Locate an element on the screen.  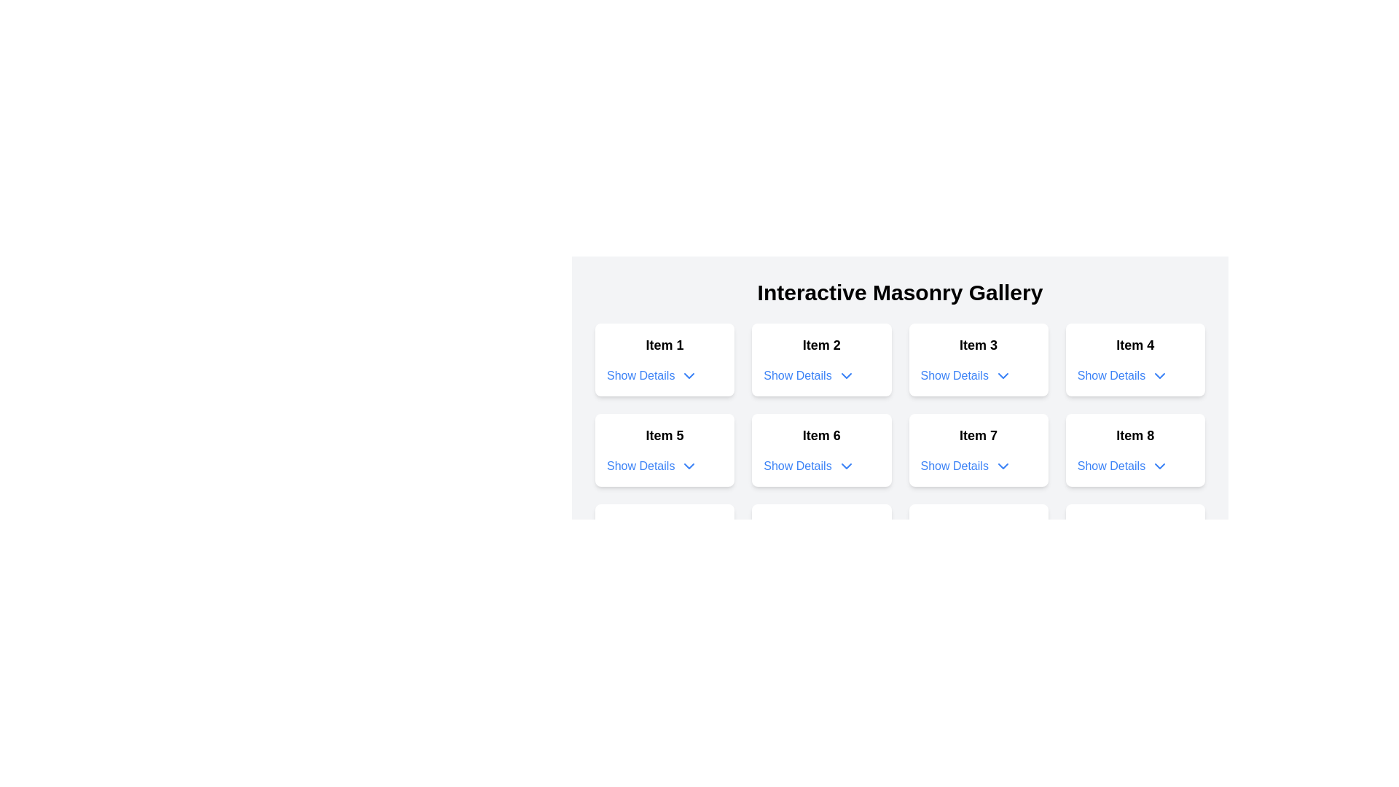
the downward-pointing chevron icon located at the rightmost end of the 'Show Details' label, which indicates a dropdown or toggle action is located at coordinates (1002, 466).